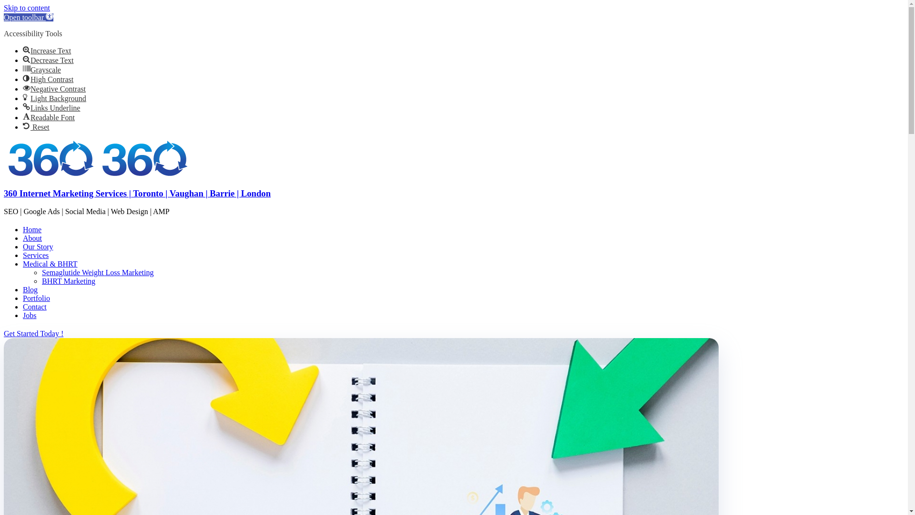  Describe the element at coordinates (30, 289) in the screenshot. I see `'Blog'` at that location.